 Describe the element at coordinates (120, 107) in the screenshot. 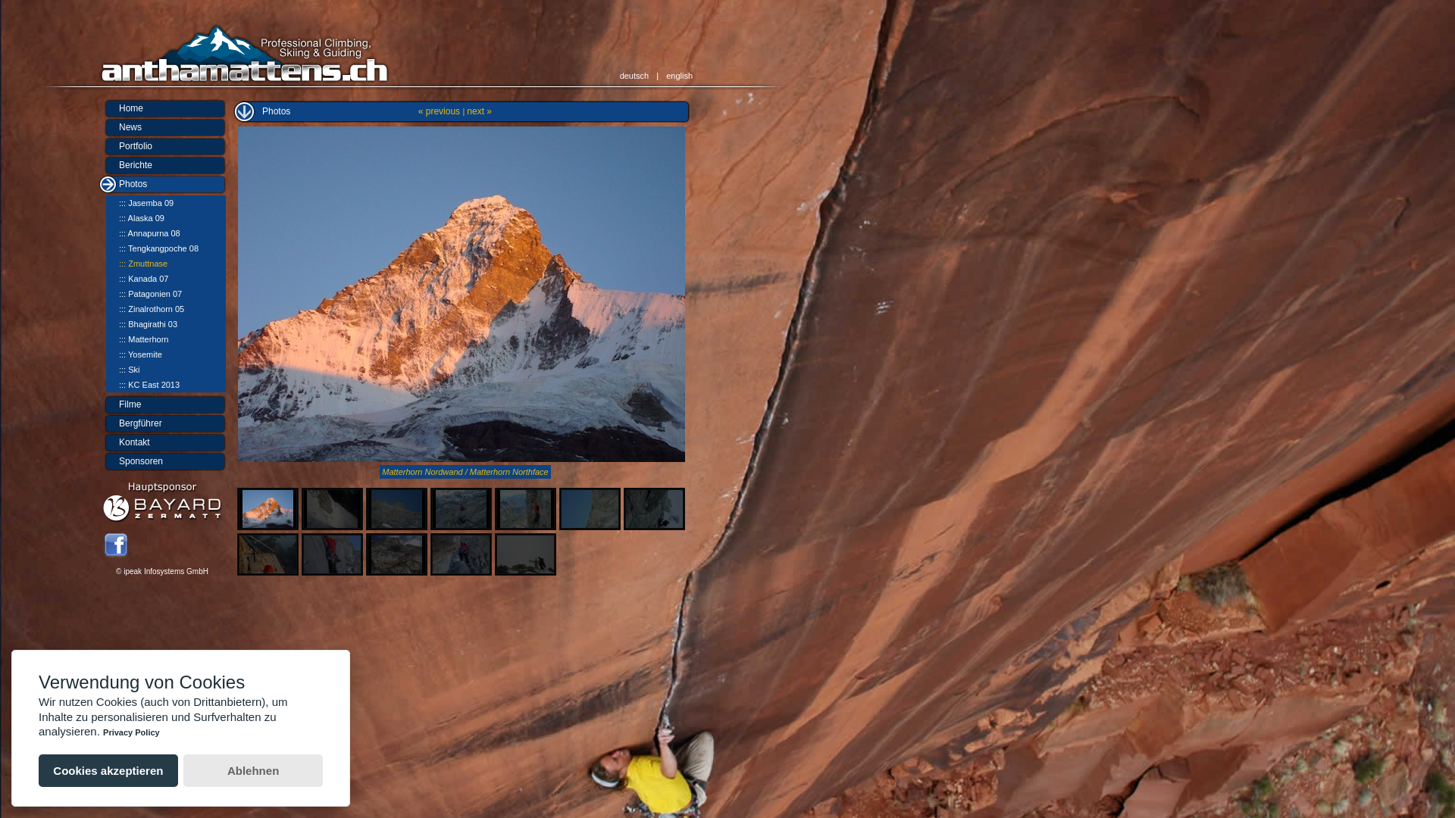

I see `'Home'` at that location.